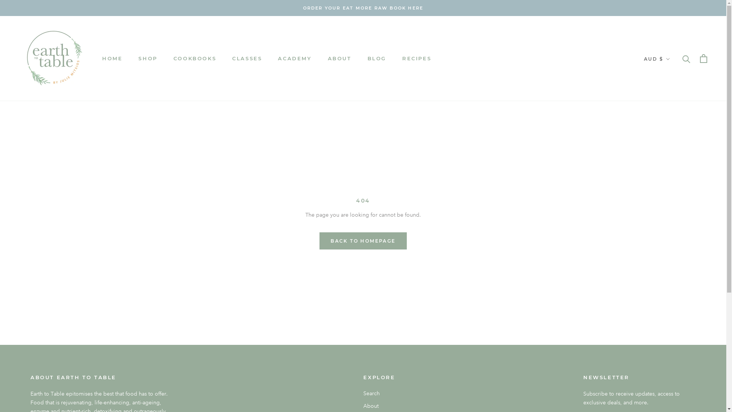 The width and height of the screenshot is (732, 412). I want to click on 'AUD $', so click(657, 58).